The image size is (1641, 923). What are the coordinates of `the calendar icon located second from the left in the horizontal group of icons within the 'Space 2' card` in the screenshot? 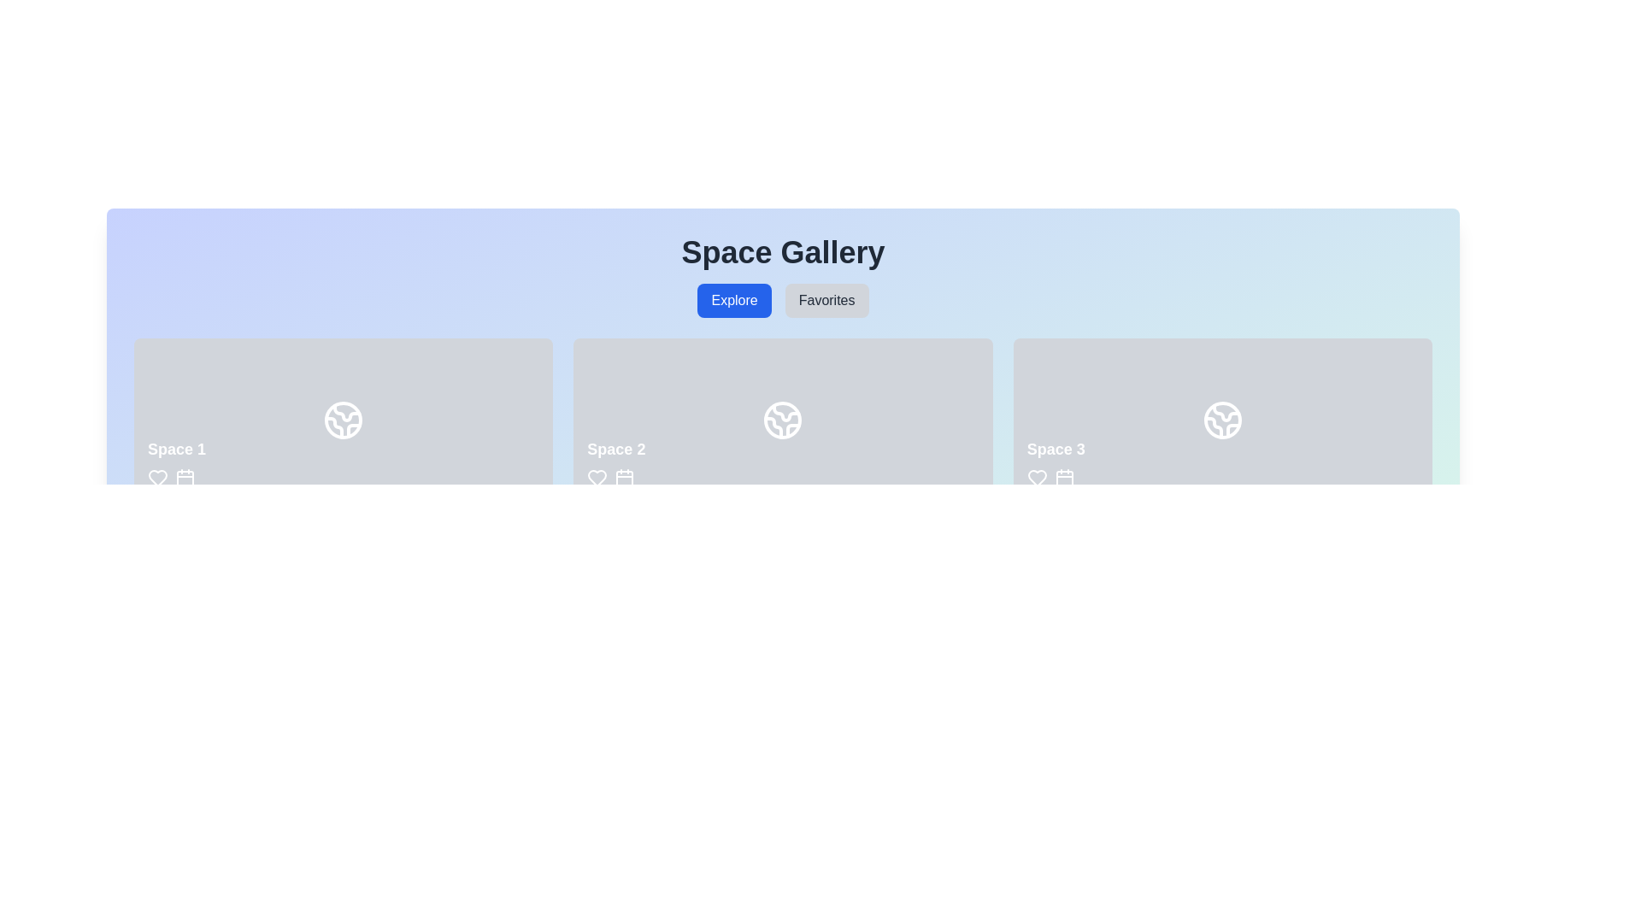 It's located at (624, 478).